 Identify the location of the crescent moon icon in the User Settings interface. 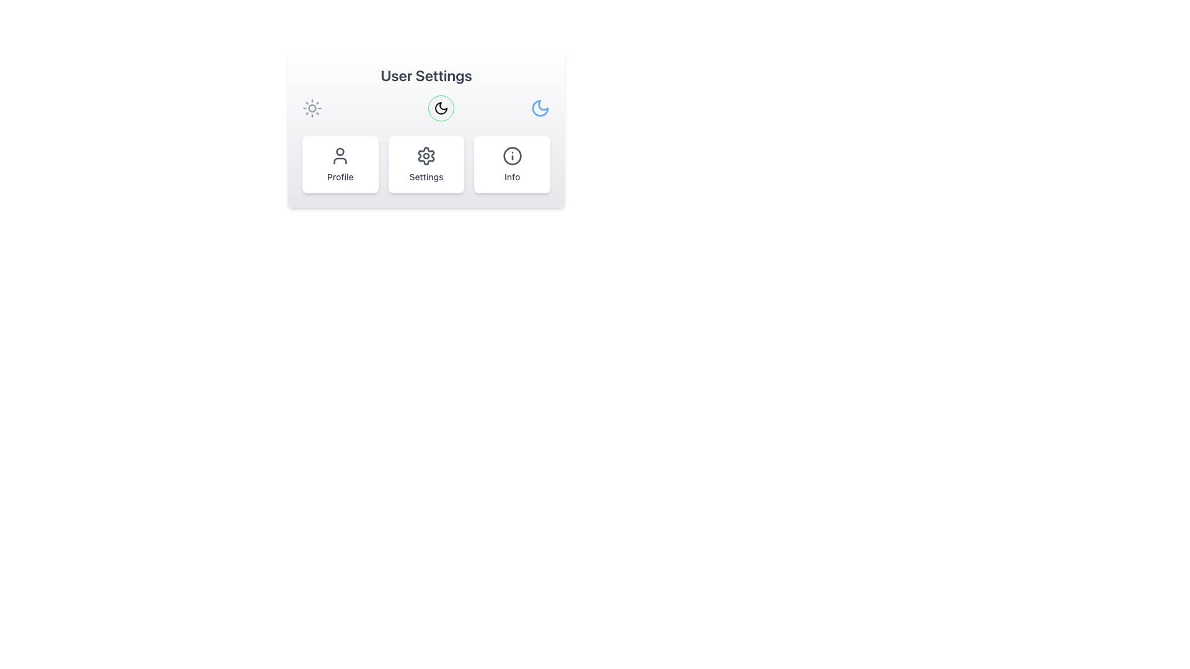
(441, 107).